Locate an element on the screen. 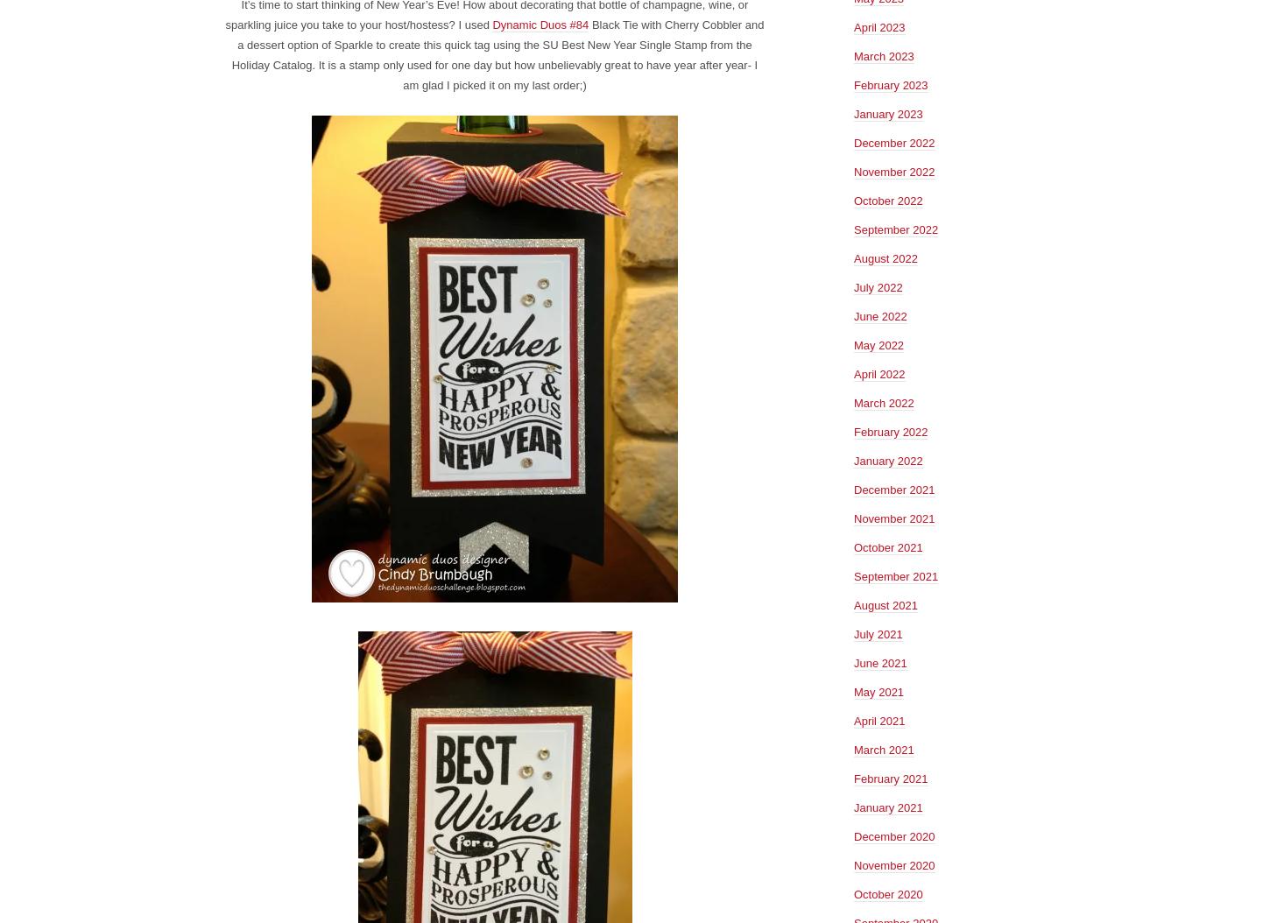 The width and height of the screenshot is (1270, 923). 'October 2021' is located at coordinates (887, 546).